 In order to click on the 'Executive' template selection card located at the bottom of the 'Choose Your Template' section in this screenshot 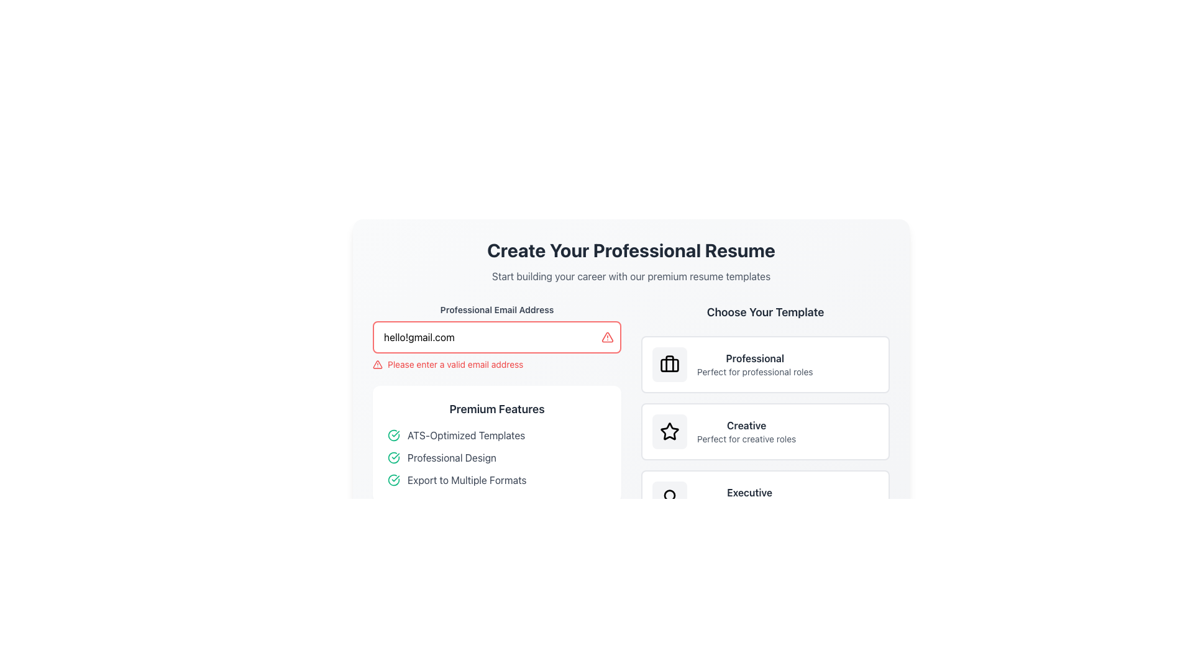, I will do `click(765, 498)`.